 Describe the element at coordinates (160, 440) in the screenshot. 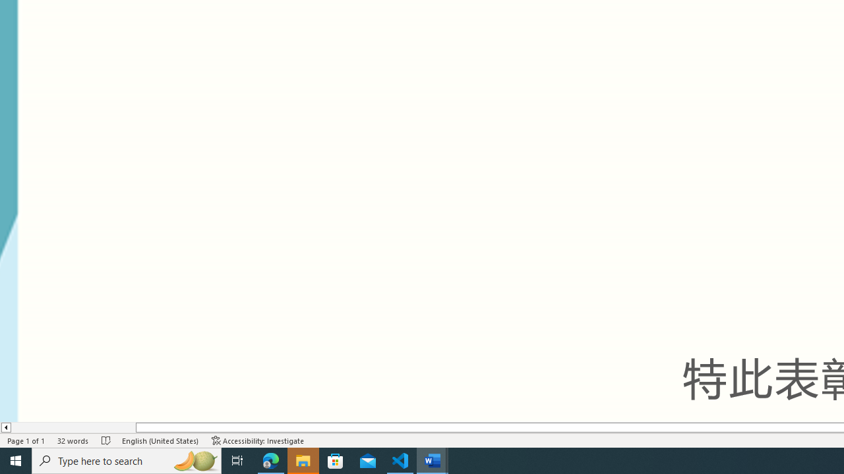

I see `'Language English (United States)'` at that location.